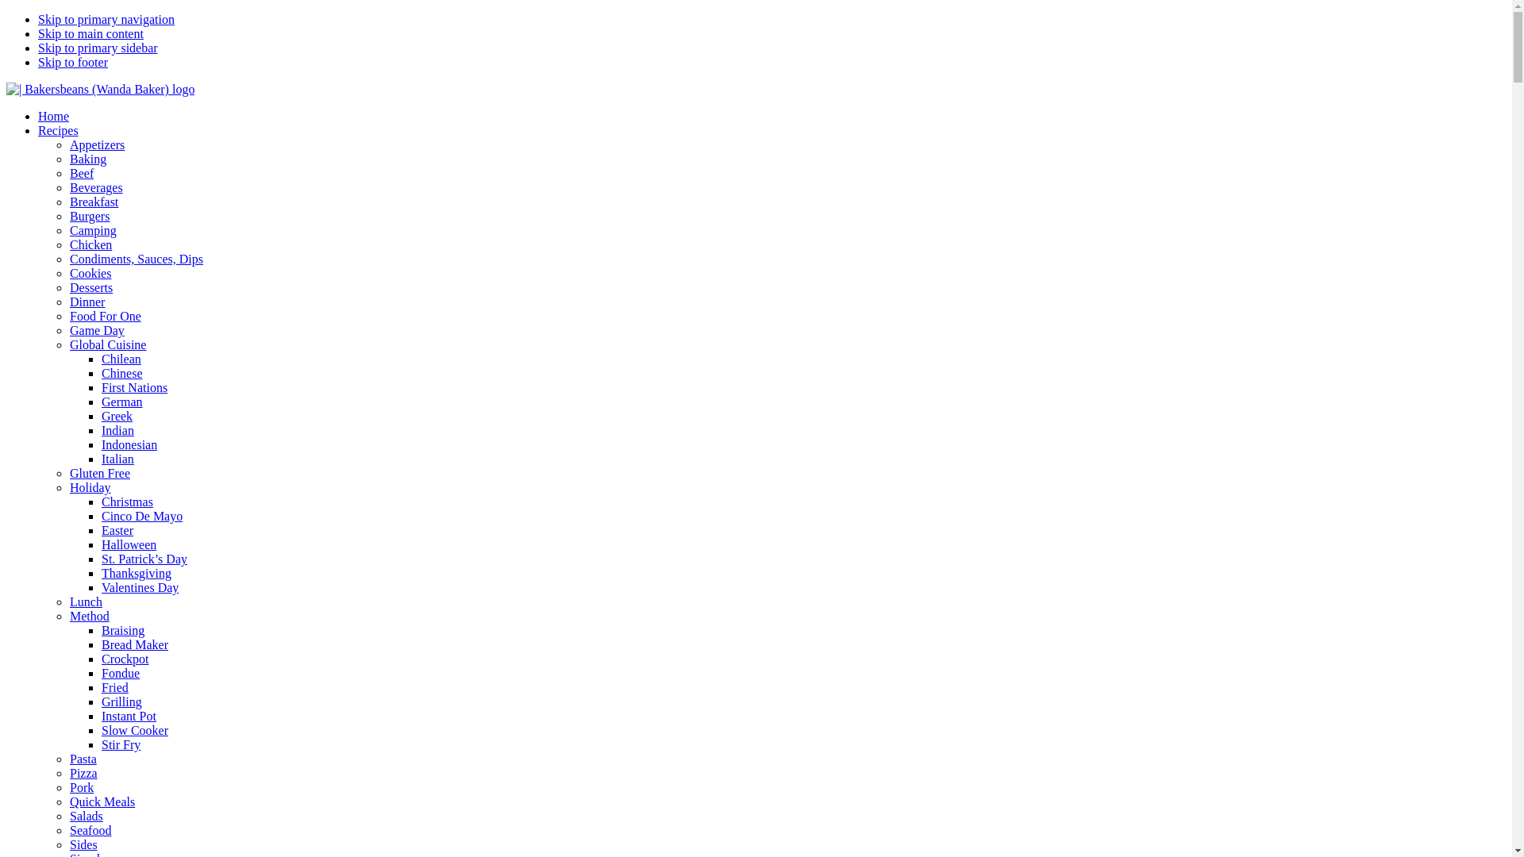 This screenshot has width=1524, height=857. What do you see at coordinates (105, 316) in the screenshot?
I see `'Food For One'` at bounding box center [105, 316].